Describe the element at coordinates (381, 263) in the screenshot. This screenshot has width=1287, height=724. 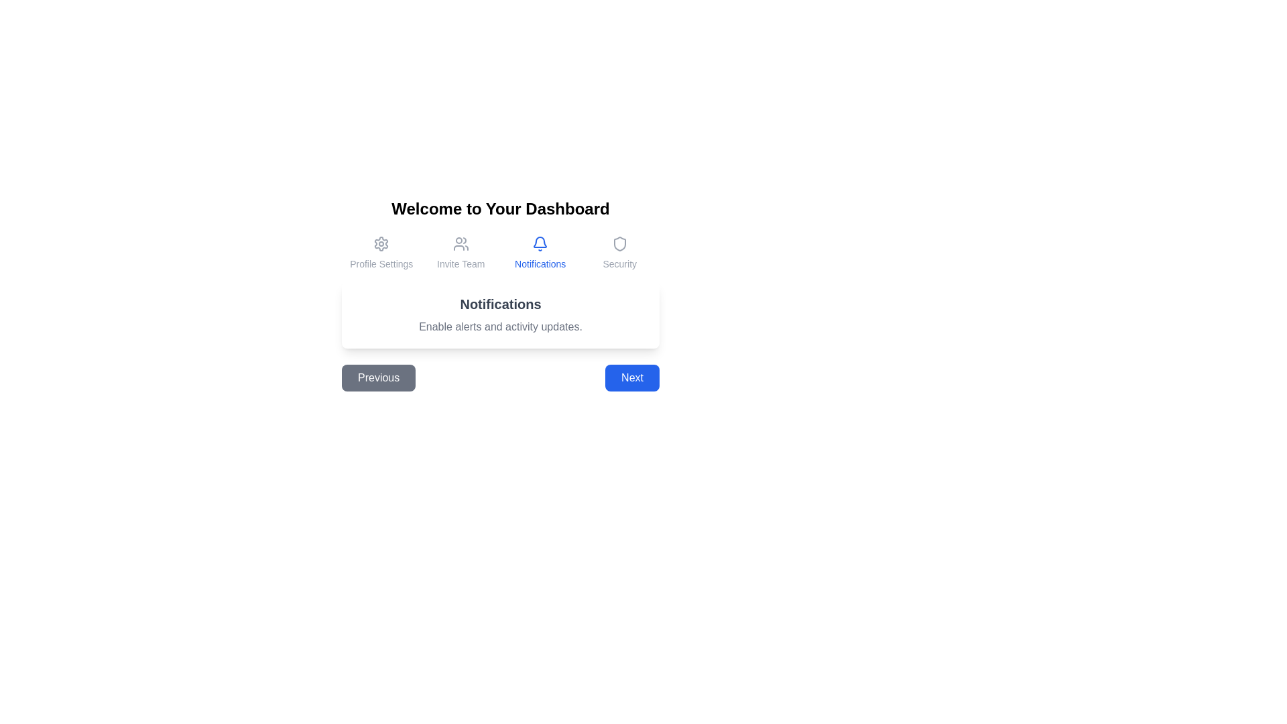
I see `the text label 'Profile Settings', which is styled with a medium font weight and small size, located below a gear icon and is the first item in a horizontal group` at that location.